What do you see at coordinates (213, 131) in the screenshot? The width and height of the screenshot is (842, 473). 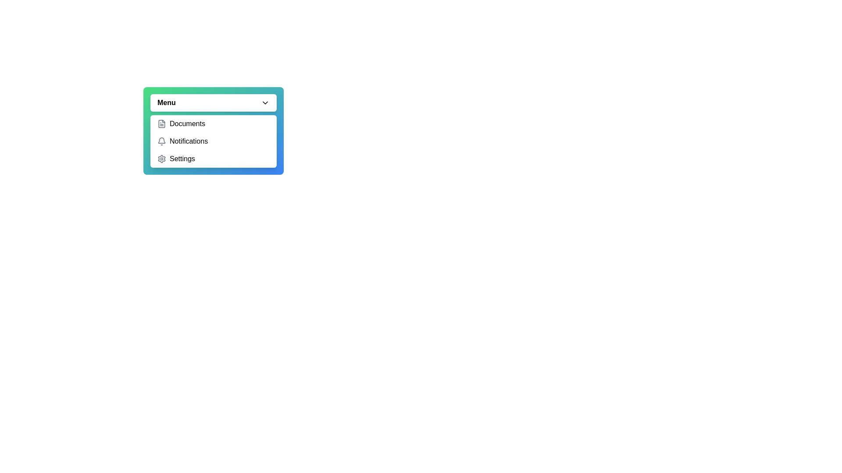 I see `a selectable option in the dropdown menu that includes 'Documents', 'Notifications', and 'Settings'` at bounding box center [213, 131].